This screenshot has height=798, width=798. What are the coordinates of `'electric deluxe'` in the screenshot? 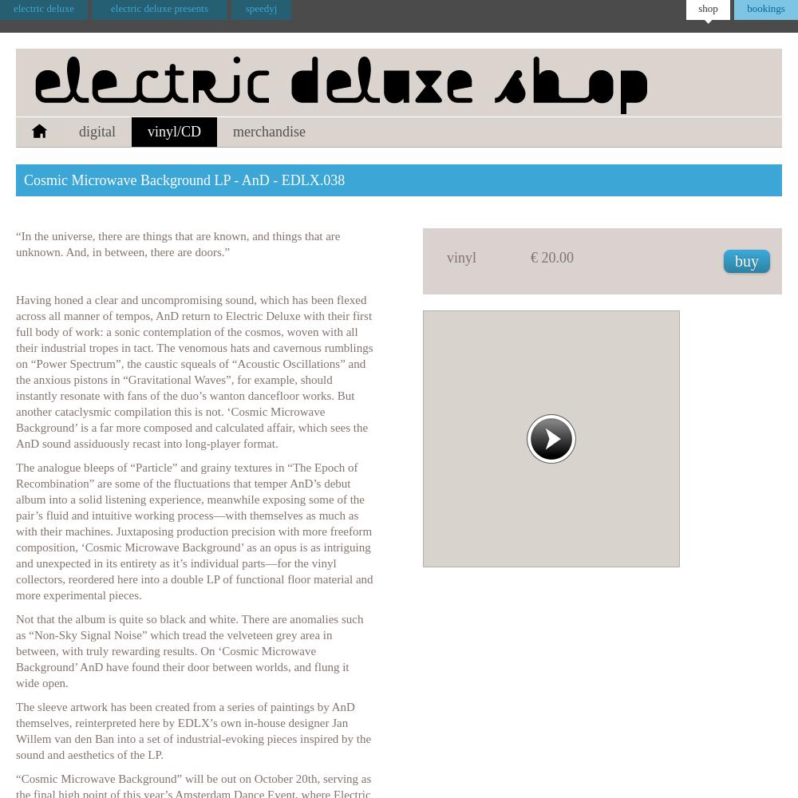 It's located at (43, 8).